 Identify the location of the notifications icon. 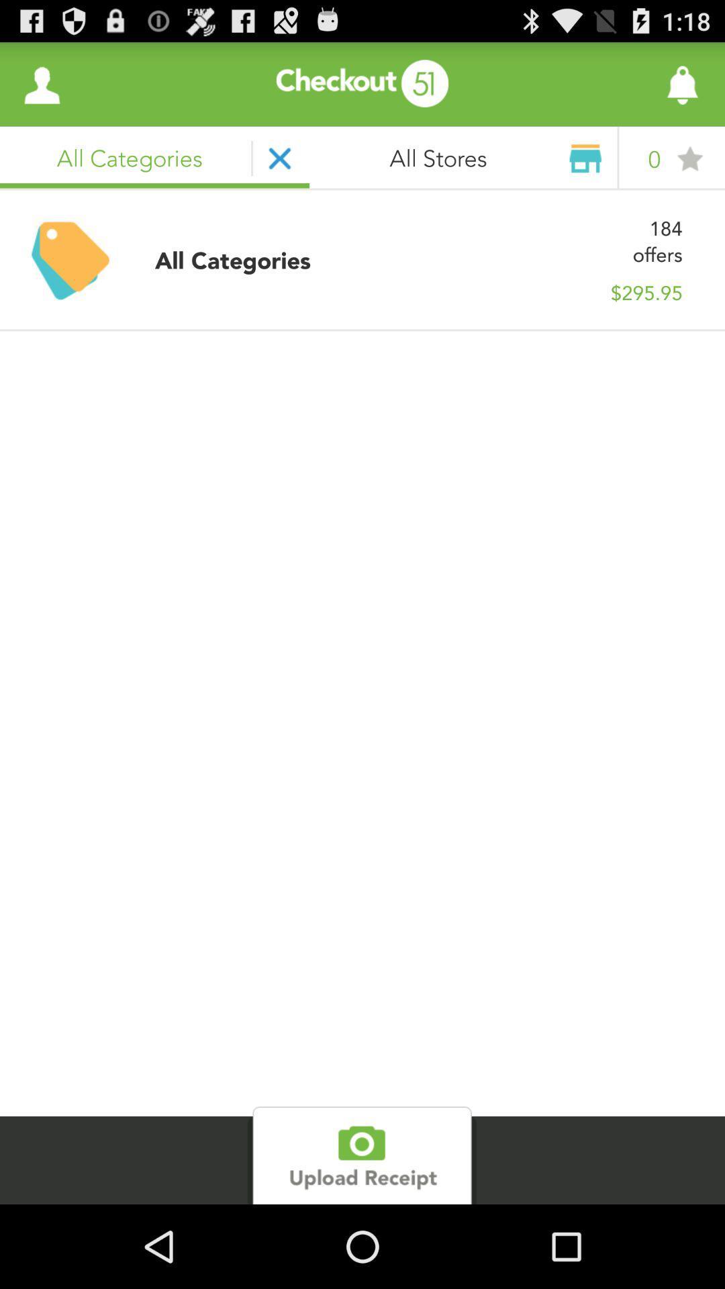
(644, 89).